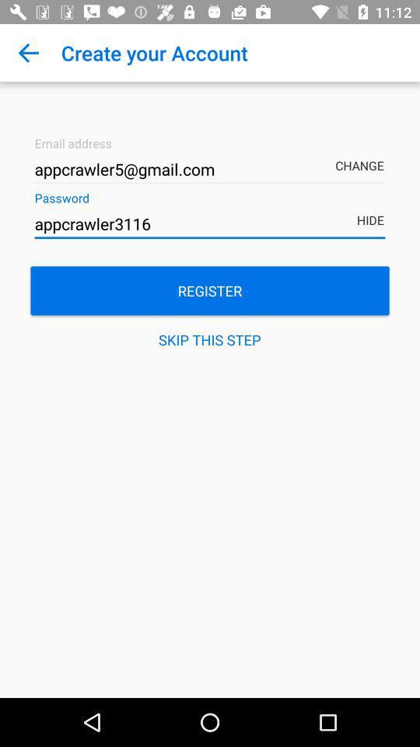 Image resolution: width=420 pixels, height=747 pixels. Describe the element at coordinates (372, 209) in the screenshot. I see `hide item` at that location.